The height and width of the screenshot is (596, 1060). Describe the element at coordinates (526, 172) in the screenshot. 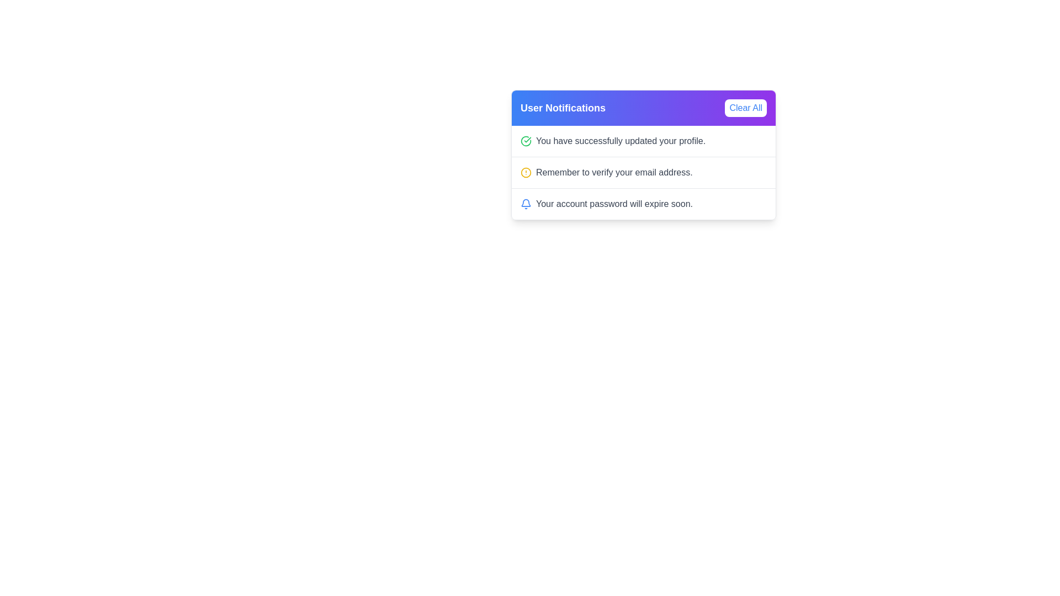

I see `the circular icon with a yellow outline located to the left of the text 'Remember to verify your email address' in the notification panel` at that location.